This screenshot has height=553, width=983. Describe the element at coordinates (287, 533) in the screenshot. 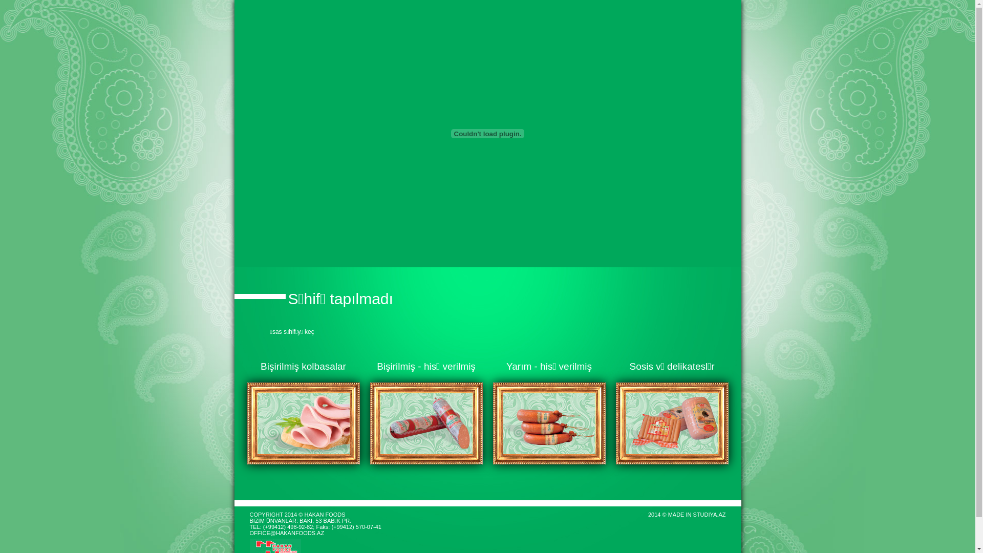

I see `'OFFICE@HAKANFOODS.AZ'` at that location.